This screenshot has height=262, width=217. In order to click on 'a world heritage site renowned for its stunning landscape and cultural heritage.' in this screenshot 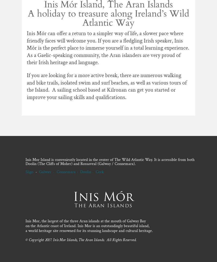, I will do `click(89, 231)`.